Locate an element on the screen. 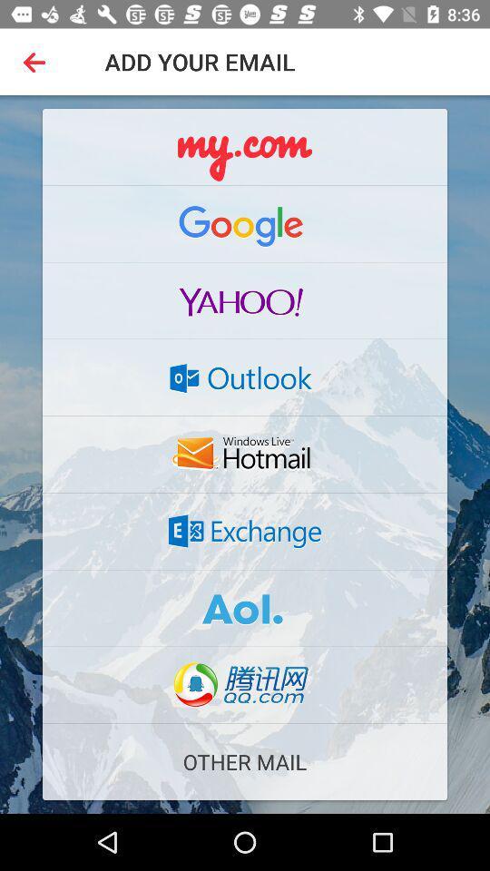  icon next to the add your email item is located at coordinates (38, 62).